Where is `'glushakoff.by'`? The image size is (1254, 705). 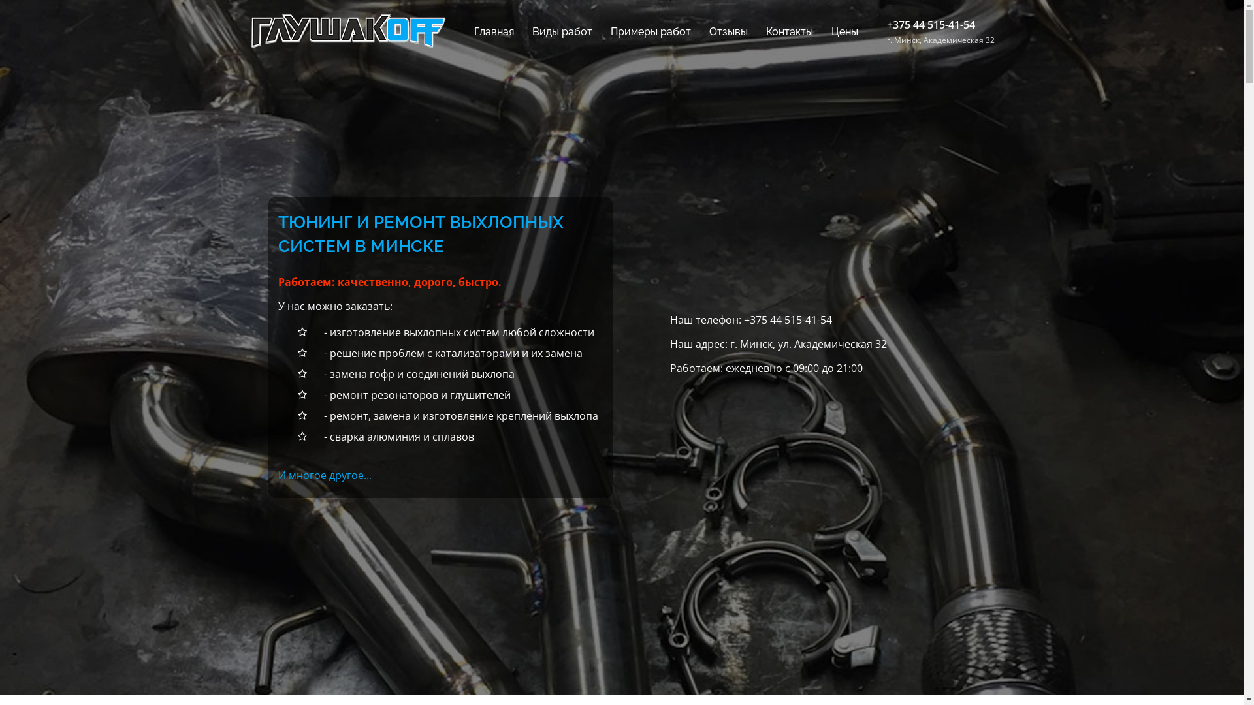 'glushakoff.by' is located at coordinates (347, 29).